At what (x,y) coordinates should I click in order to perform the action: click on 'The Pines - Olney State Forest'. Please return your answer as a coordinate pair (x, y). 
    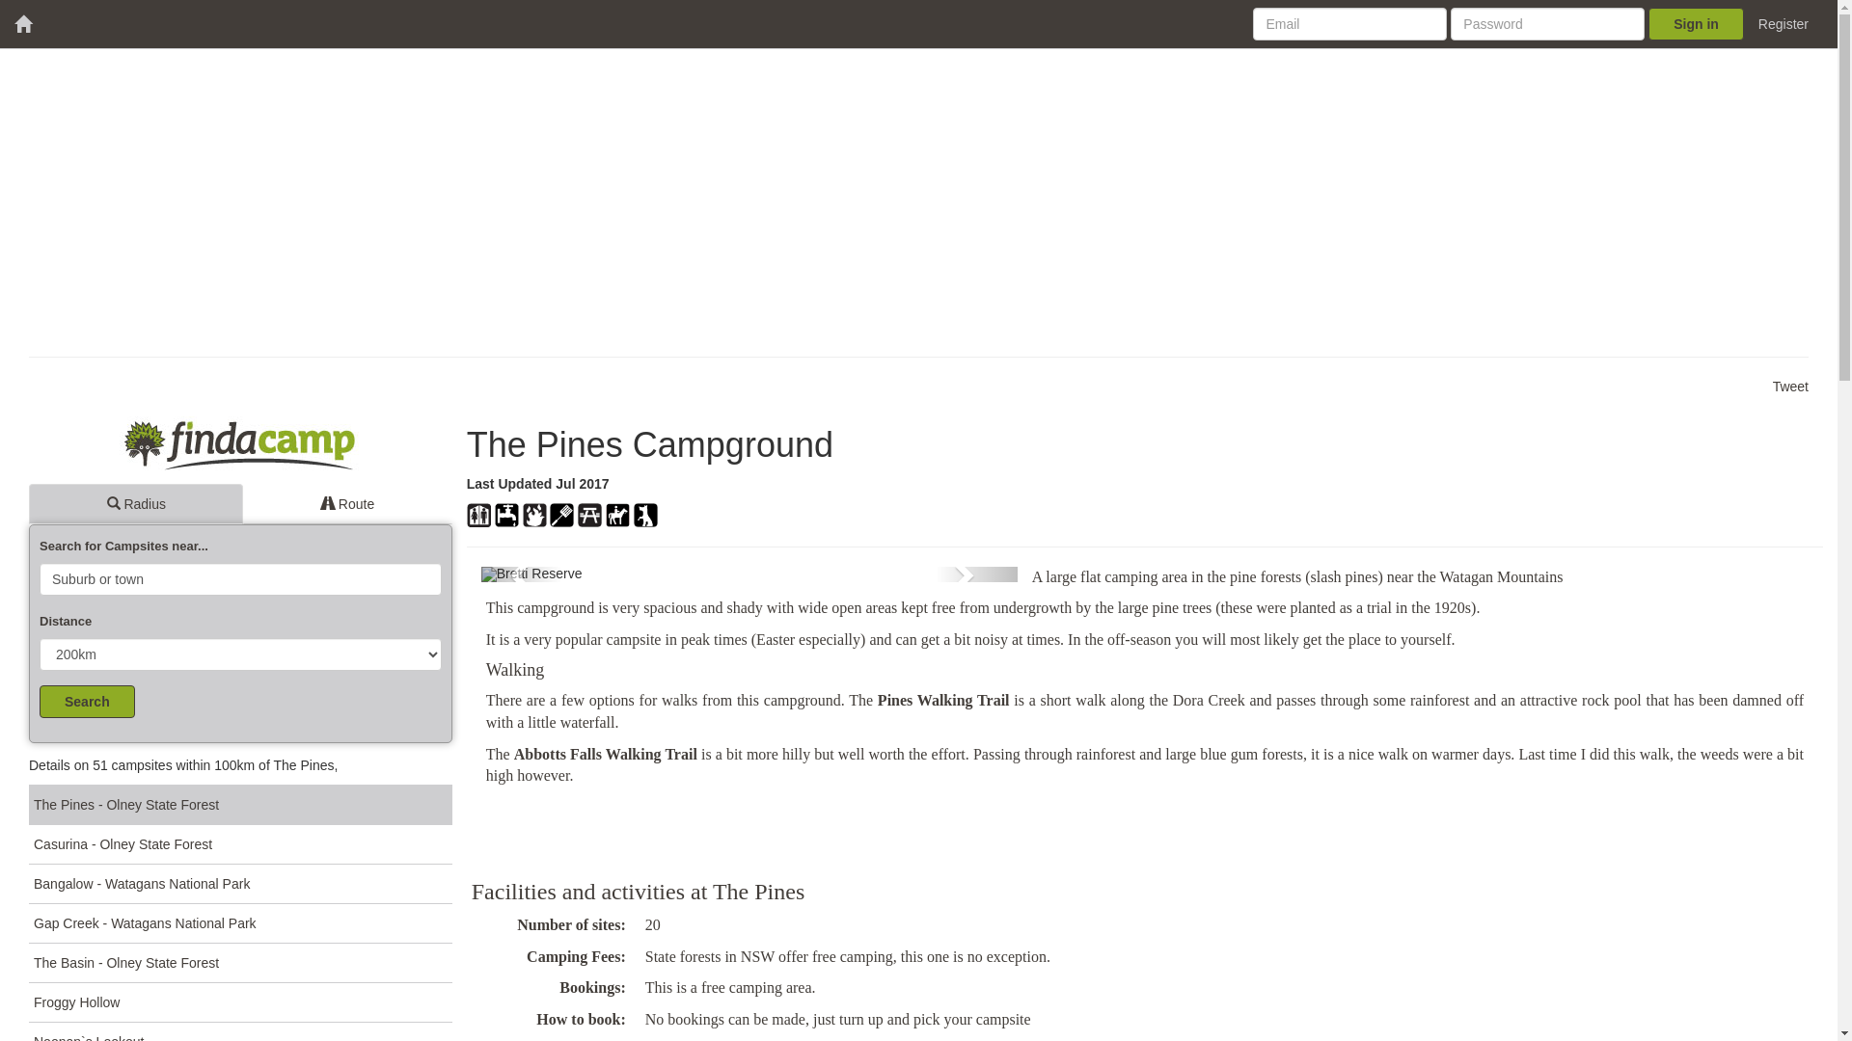
    Looking at the image, I should click on (239, 804).